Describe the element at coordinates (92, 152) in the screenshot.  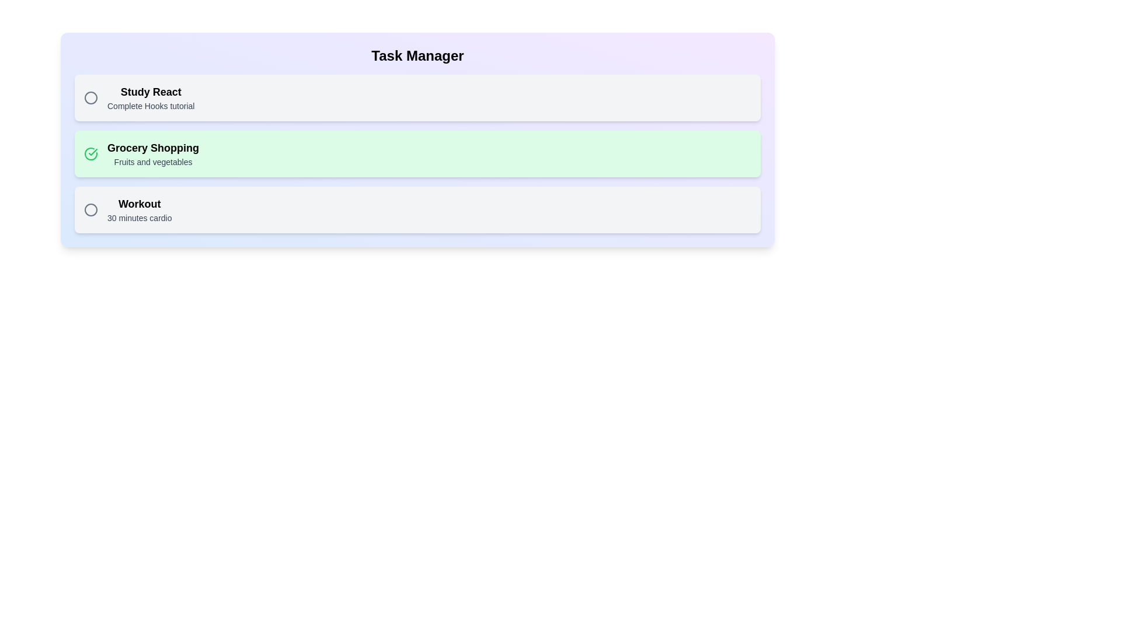
I see `the small green-colored checkmark icon within the circular boundary that indicates a completed task for 'Grocery Shopping'` at that location.